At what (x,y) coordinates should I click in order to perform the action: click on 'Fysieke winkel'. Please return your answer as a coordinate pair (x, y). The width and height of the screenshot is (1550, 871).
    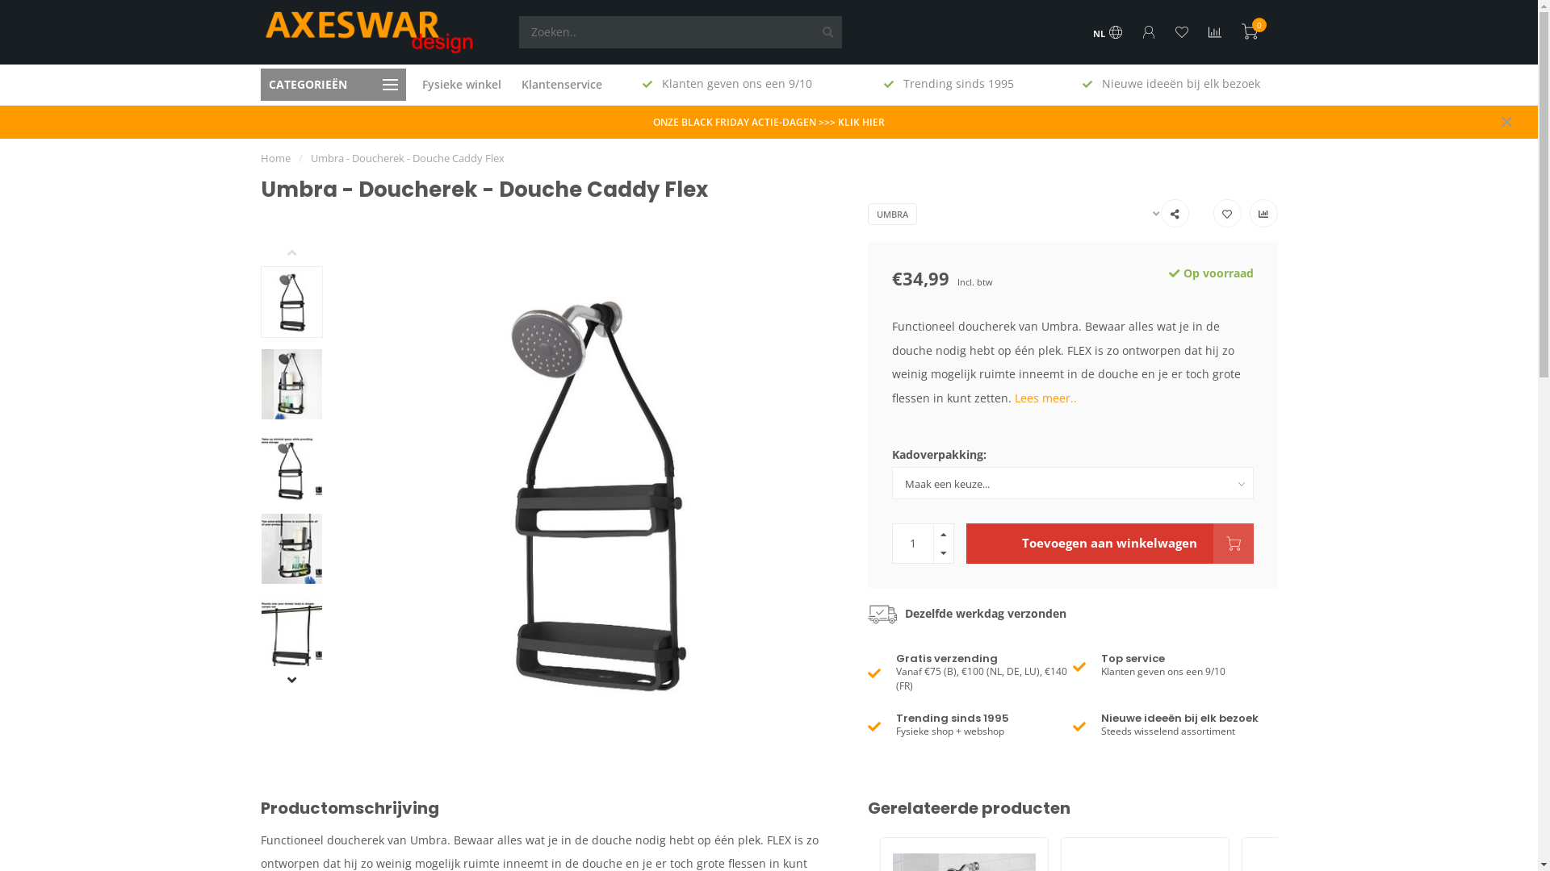
    Looking at the image, I should click on (460, 84).